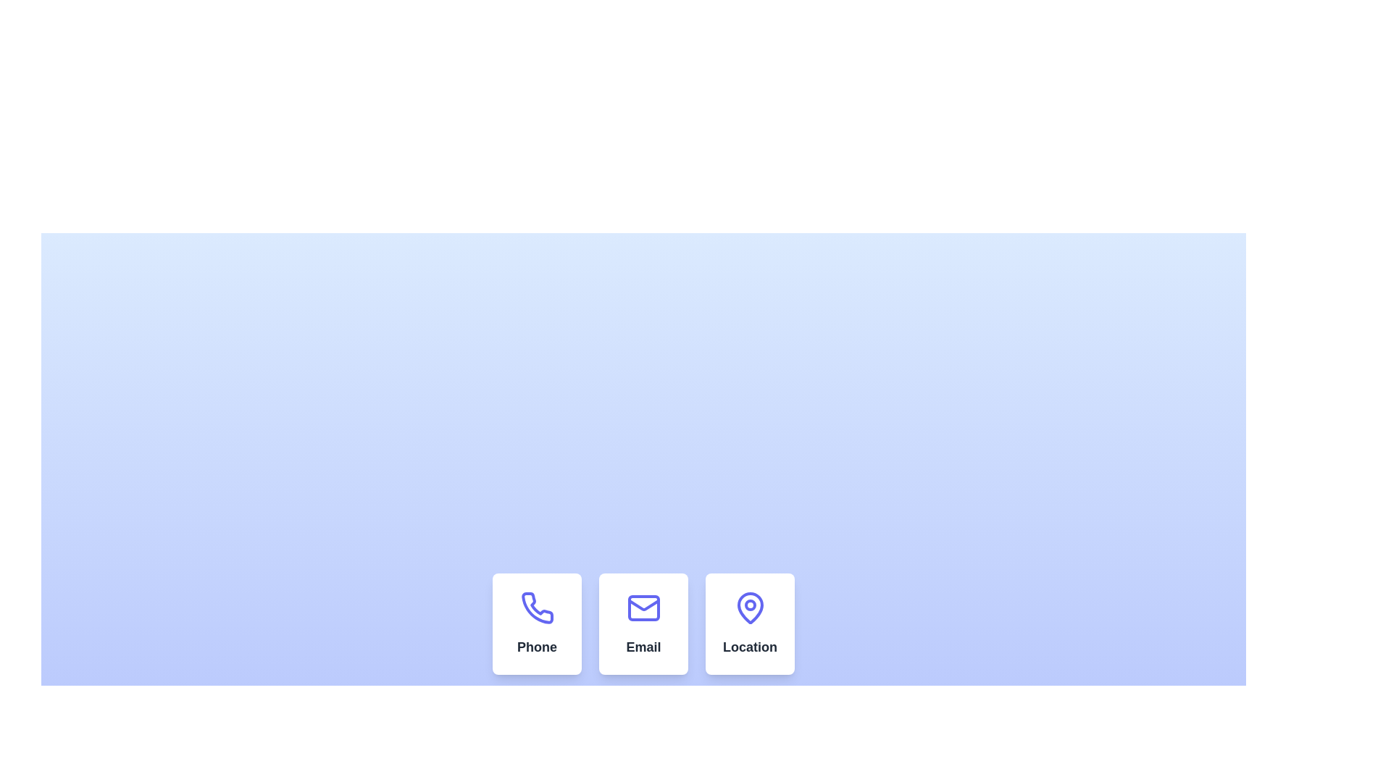  I want to click on the Decorative Rectangle element, which is a purple rounded rectangle inside the envelope icon above the 'Email' label in the card layout, so click(643, 608).